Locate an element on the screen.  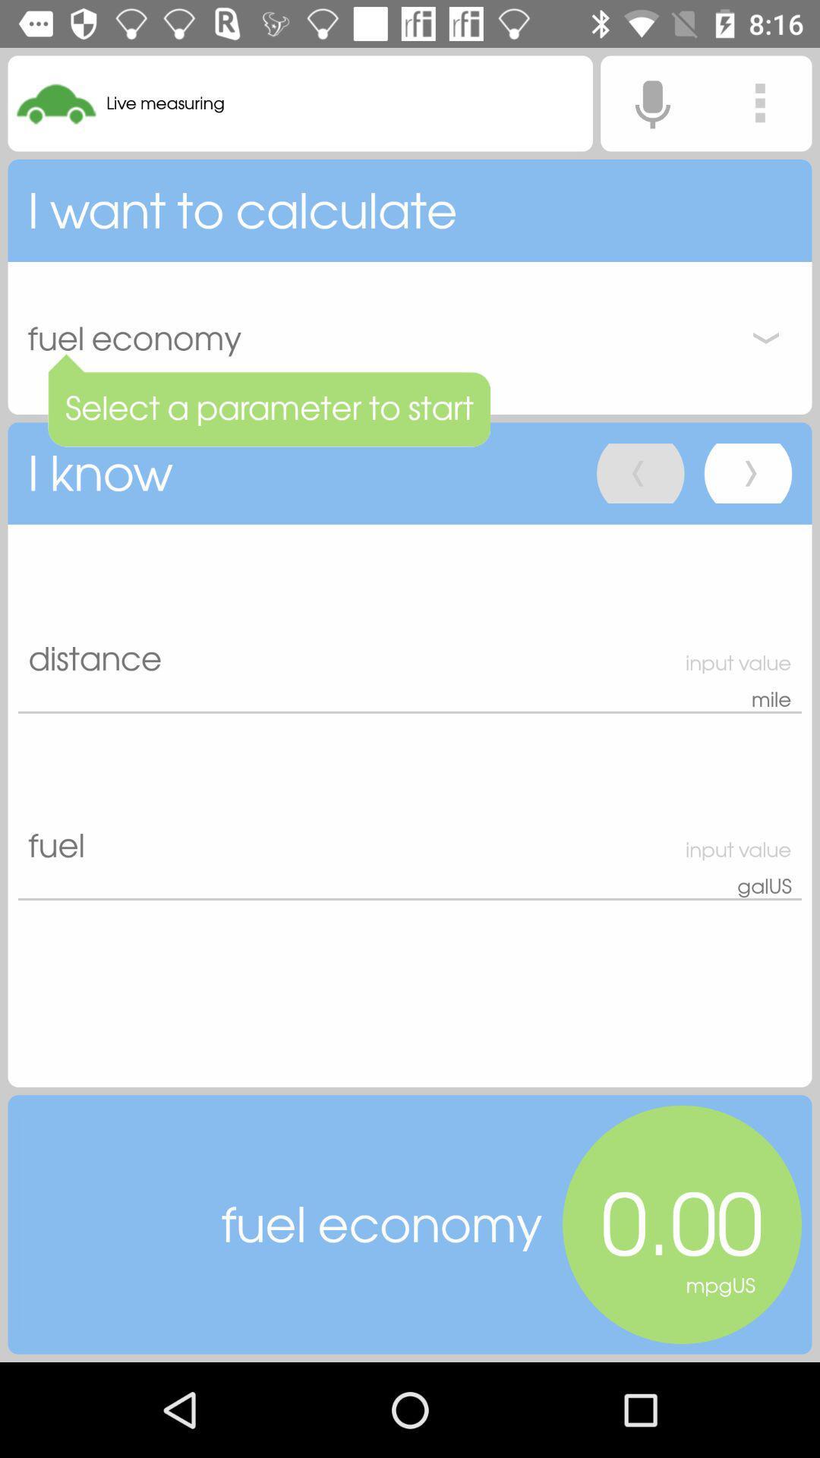
scroll forward is located at coordinates (747, 472).